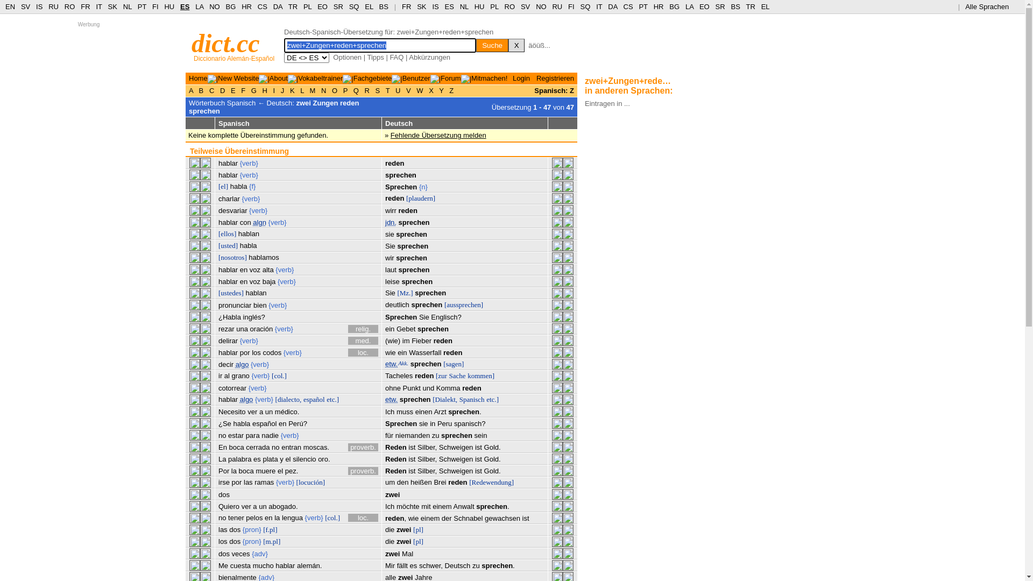 This screenshot has width=1033, height=581. I want to click on 'die', so click(389, 529).